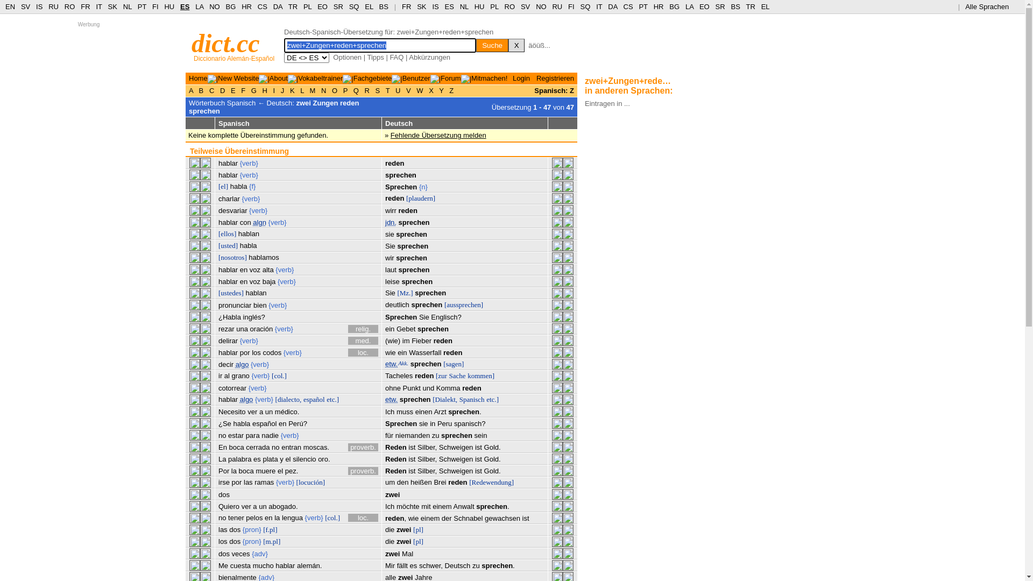 This screenshot has width=1033, height=581. I want to click on 'die', so click(389, 529).